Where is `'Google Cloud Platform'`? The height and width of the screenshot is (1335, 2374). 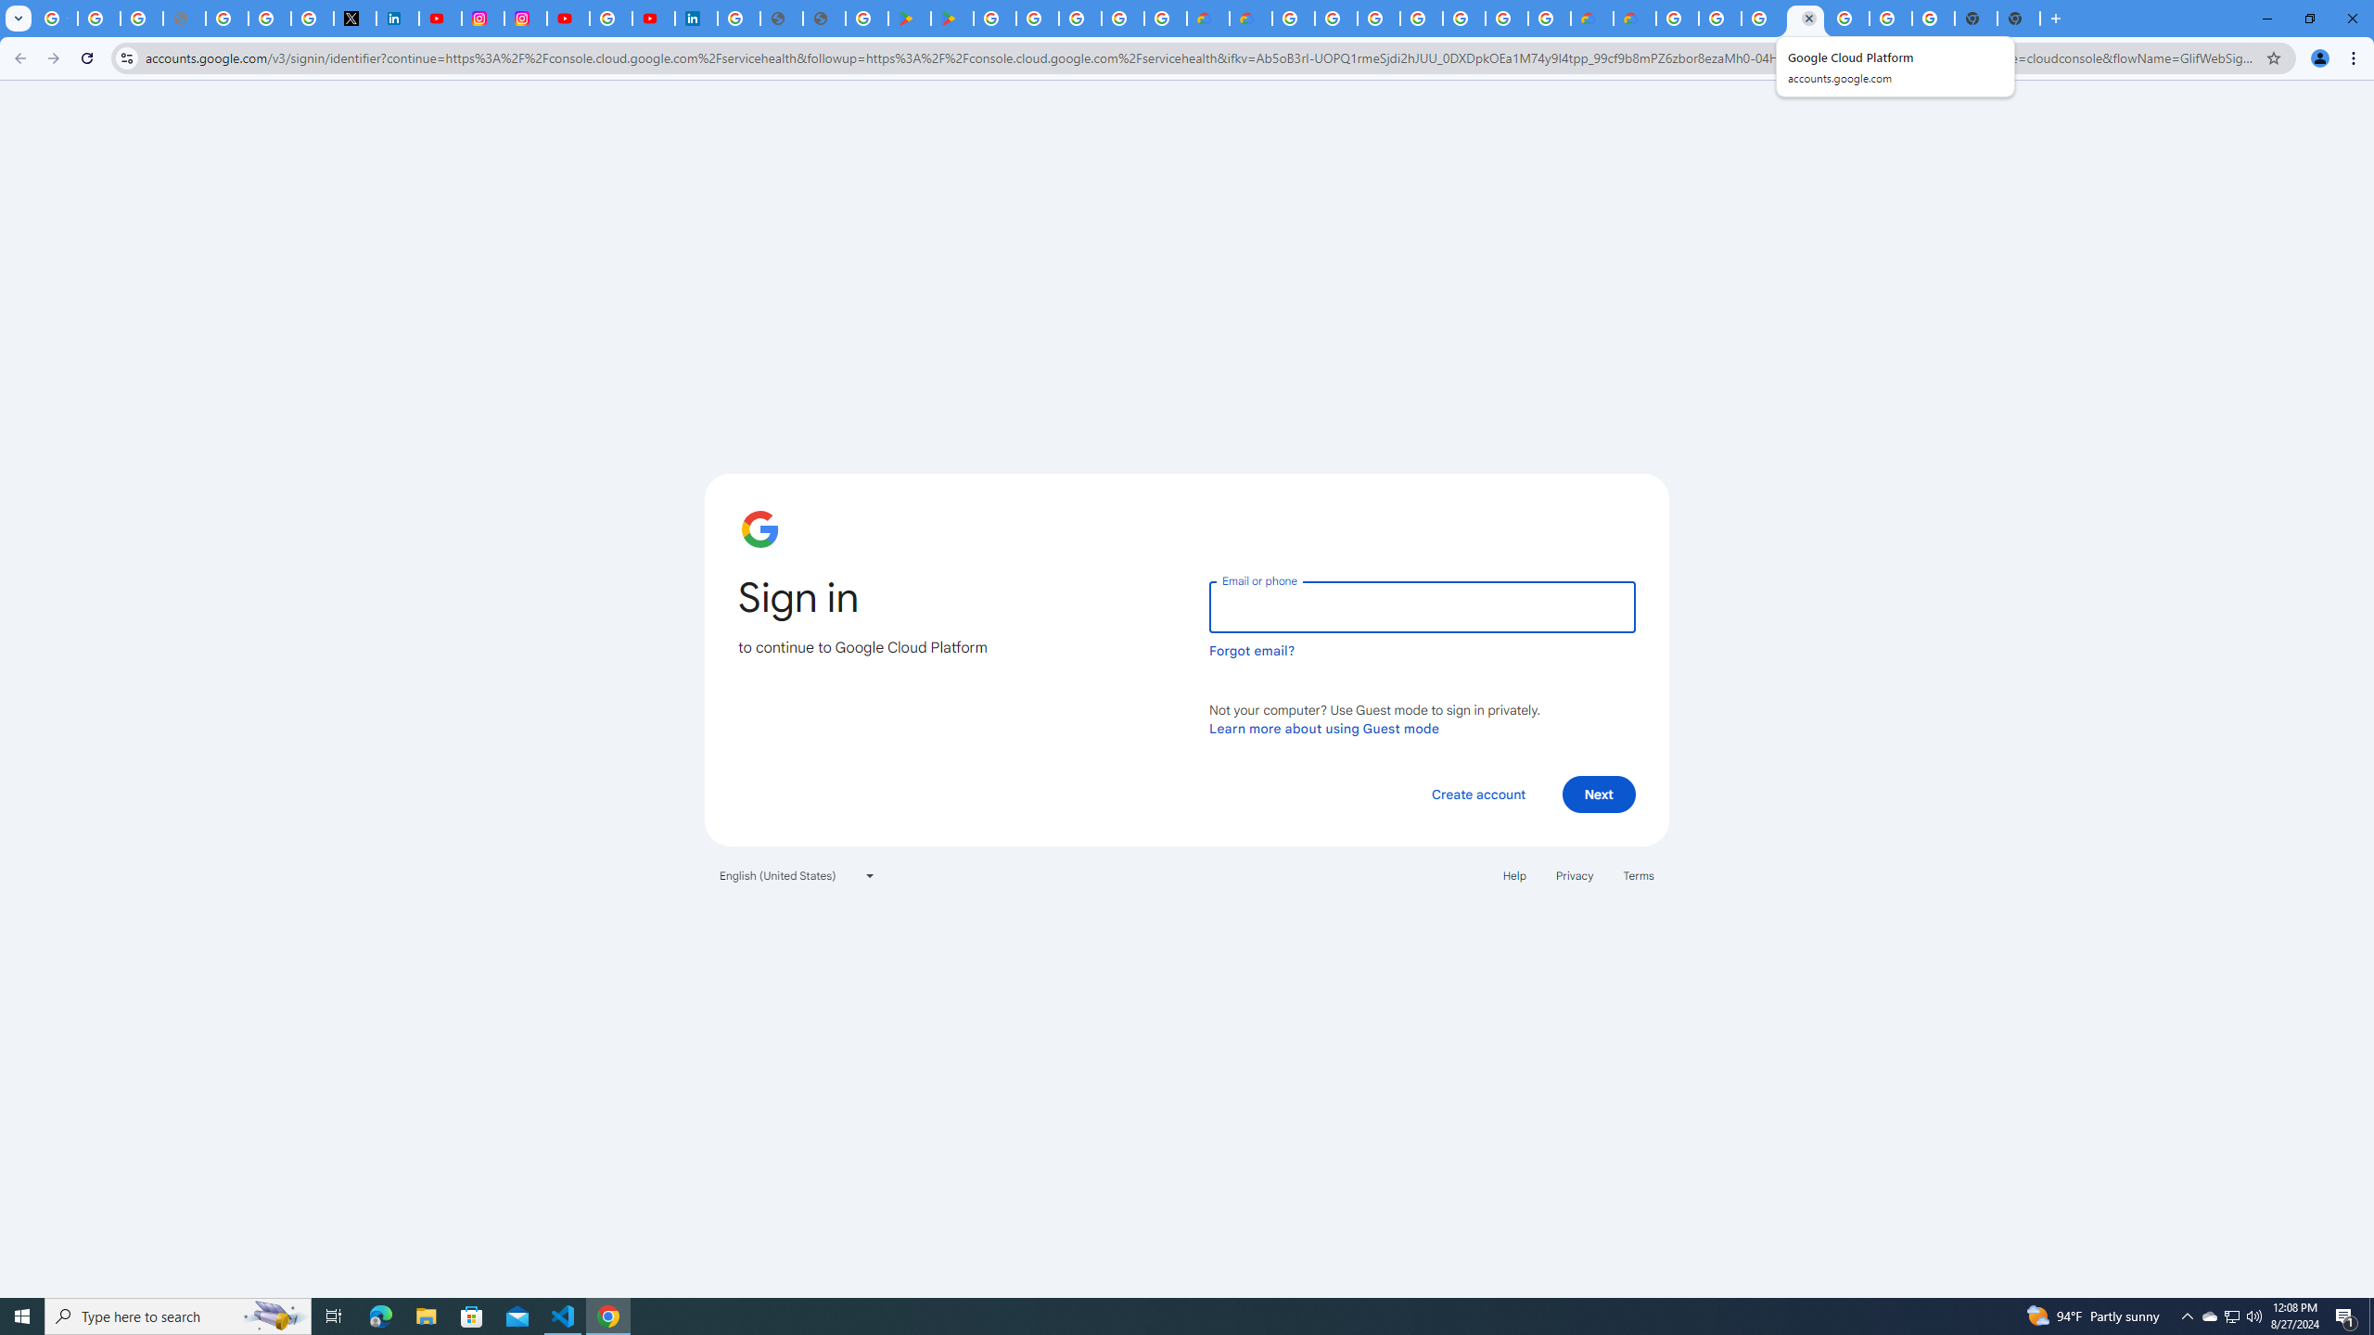 'Google Cloud Platform' is located at coordinates (1804, 18).